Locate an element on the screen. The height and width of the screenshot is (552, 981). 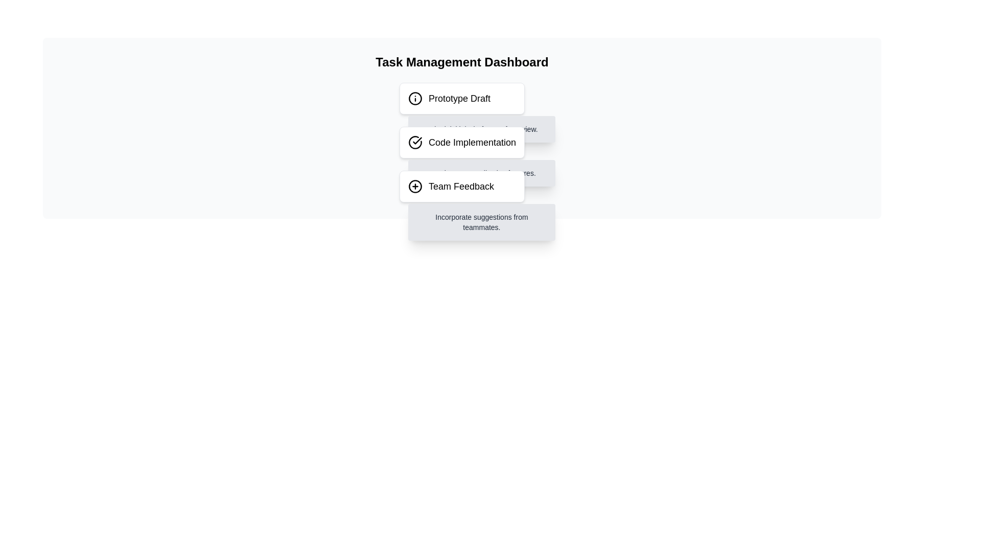
the circular graphic element representing an action or status in the 'Team Feedback' section, specifically located in the center-left portion of the user interface is located at coordinates (415, 187).